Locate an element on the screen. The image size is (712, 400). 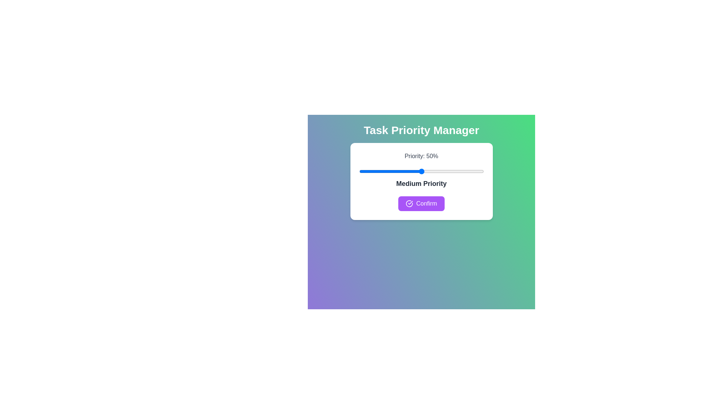
the slider to set the priority to 47% is located at coordinates (418, 171).